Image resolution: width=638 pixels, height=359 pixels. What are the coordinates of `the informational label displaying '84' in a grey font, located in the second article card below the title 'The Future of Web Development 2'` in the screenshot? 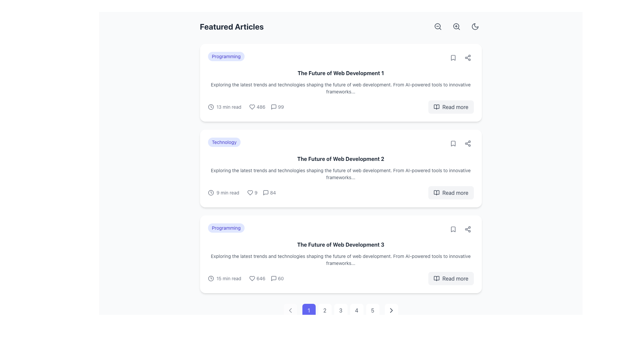 It's located at (269, 192).